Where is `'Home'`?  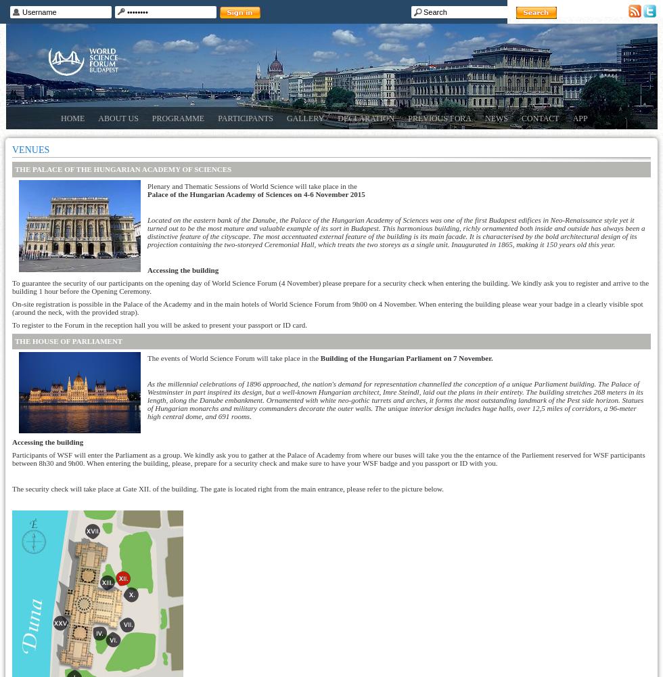
'Home' is located at coordinates (72, 118).